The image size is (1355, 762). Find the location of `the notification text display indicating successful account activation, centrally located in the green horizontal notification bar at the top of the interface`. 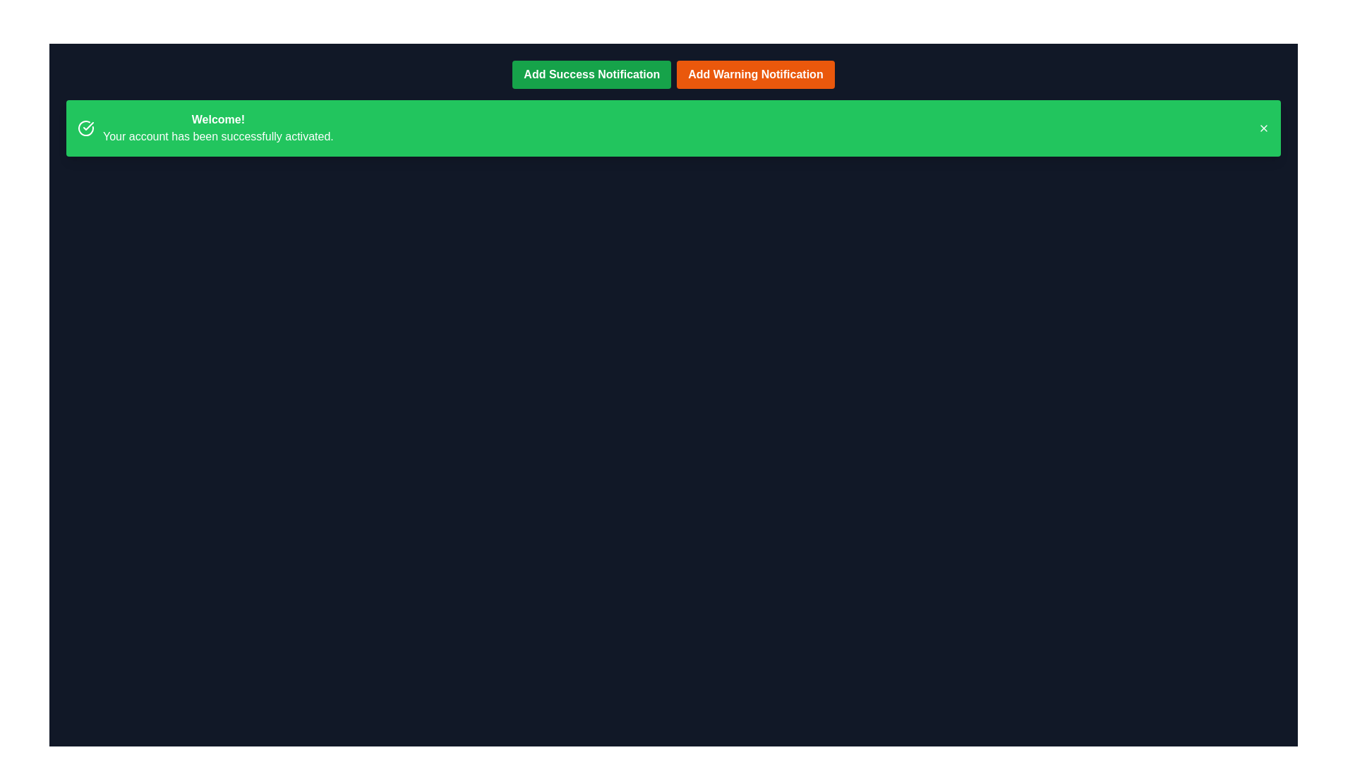

the notification text display indicating successful account activation, centrally located in the green horizontal notification bar at the top of the interface is located at coordinates (217, 128).